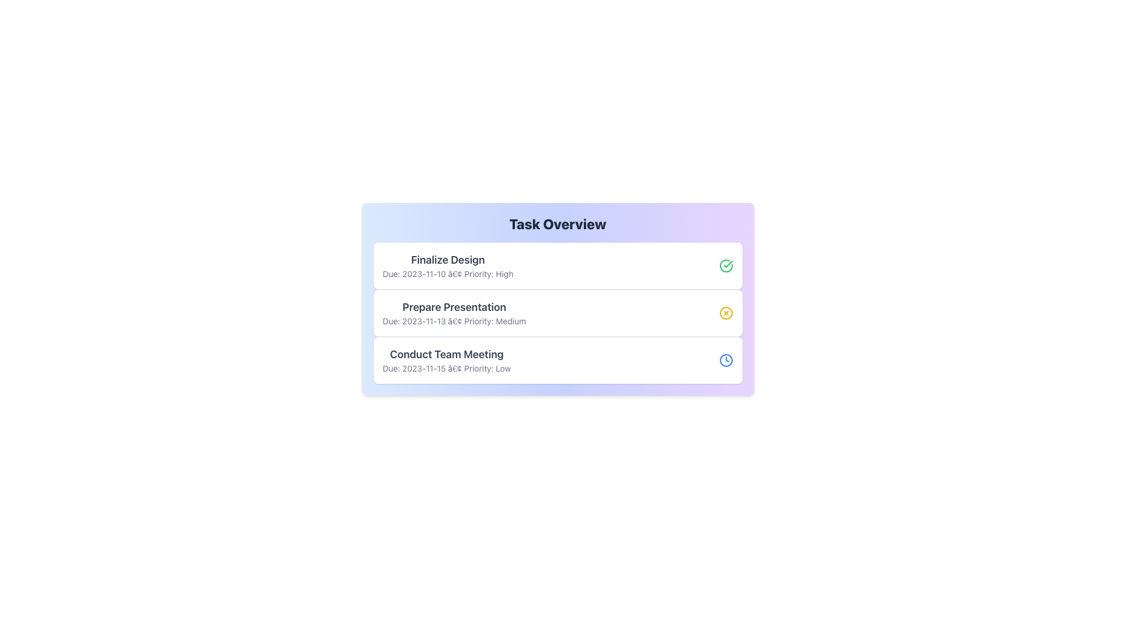  Describe the element at coordinates (454, 307) in the screenshot. I see `the Text Label that serves as the title of the second task item, located between 'Finalize Design' and 'Conduct Team Meeting'` at that location.